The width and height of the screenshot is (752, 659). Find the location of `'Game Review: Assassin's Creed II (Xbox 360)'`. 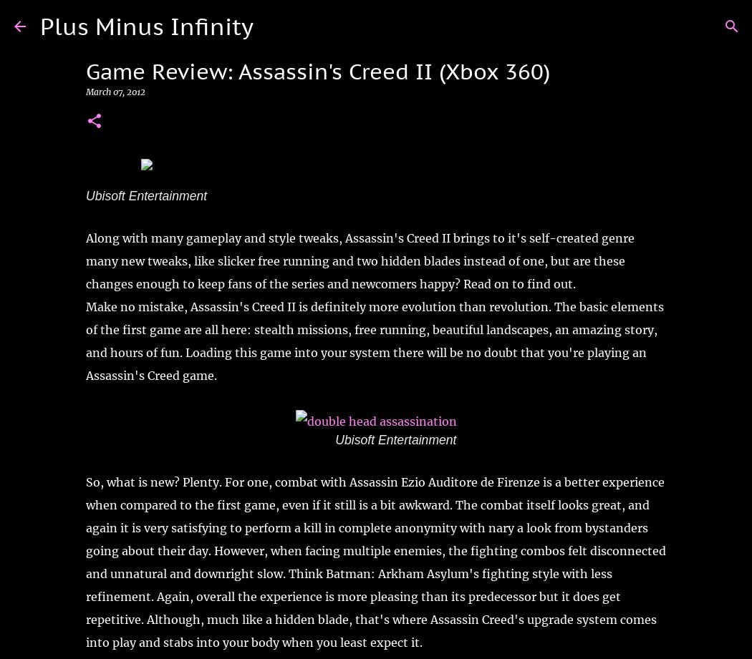

'Game Review: Assassin's Creed II (Xbox 360)' is located at coordinates (317, 70).